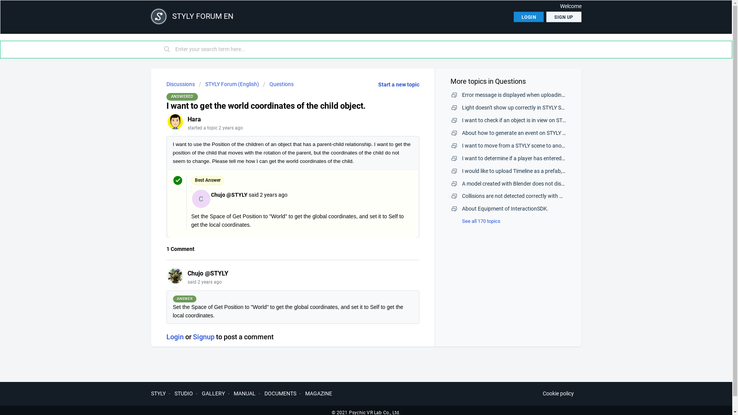 This screenshot has height=415, width=738. What do you see at coordinates (517, 120) in the screenshot?
I see `'I want to check if an object is in view on STYLY.'` at bounding box center [517, 120].